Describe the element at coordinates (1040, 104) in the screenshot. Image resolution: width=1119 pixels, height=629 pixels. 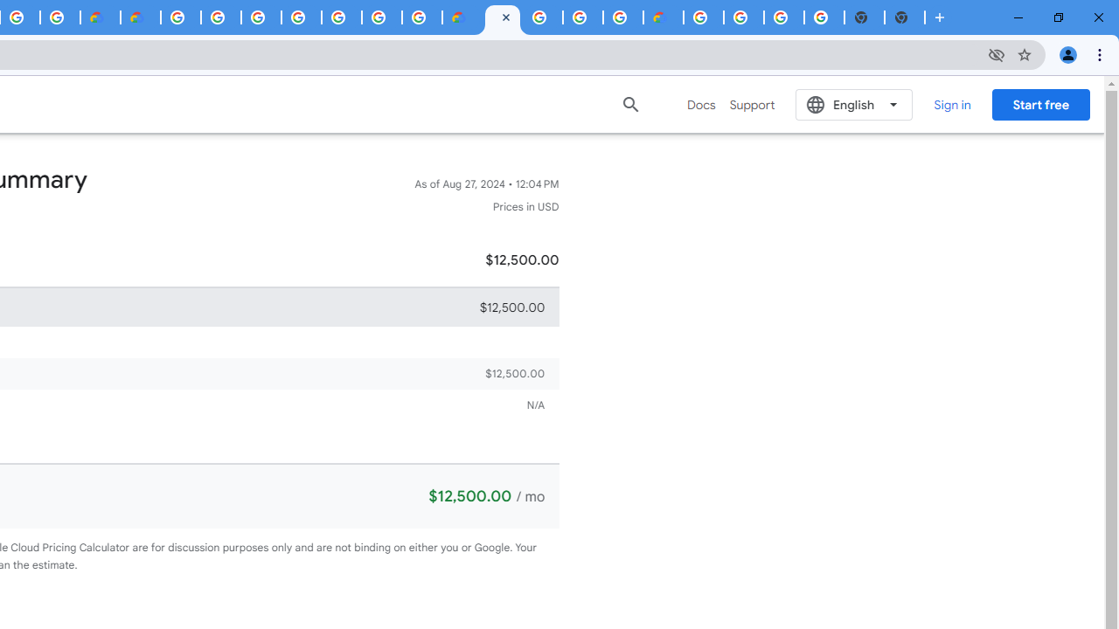
I see `'Start free'` at that location.